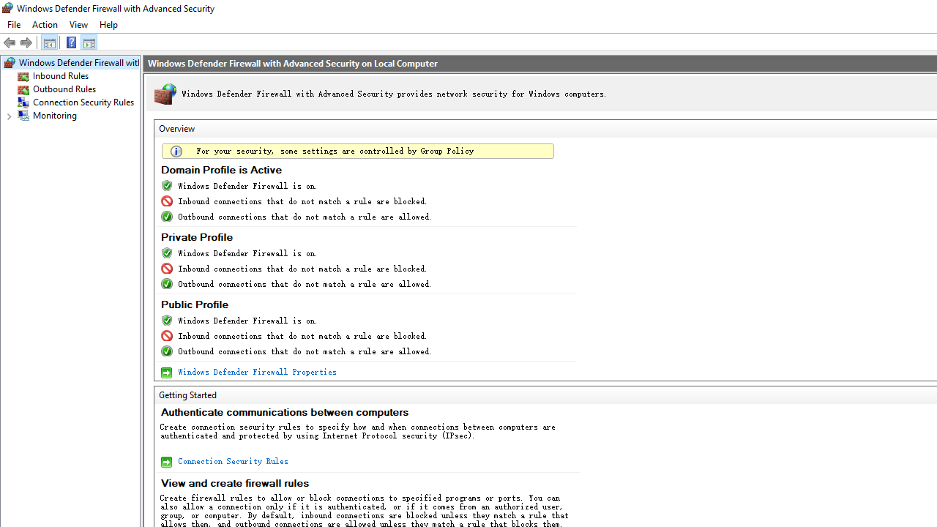 The image size is (937, 527). I want to click on 'Show/Hide Console Tree', so click(49, 41).